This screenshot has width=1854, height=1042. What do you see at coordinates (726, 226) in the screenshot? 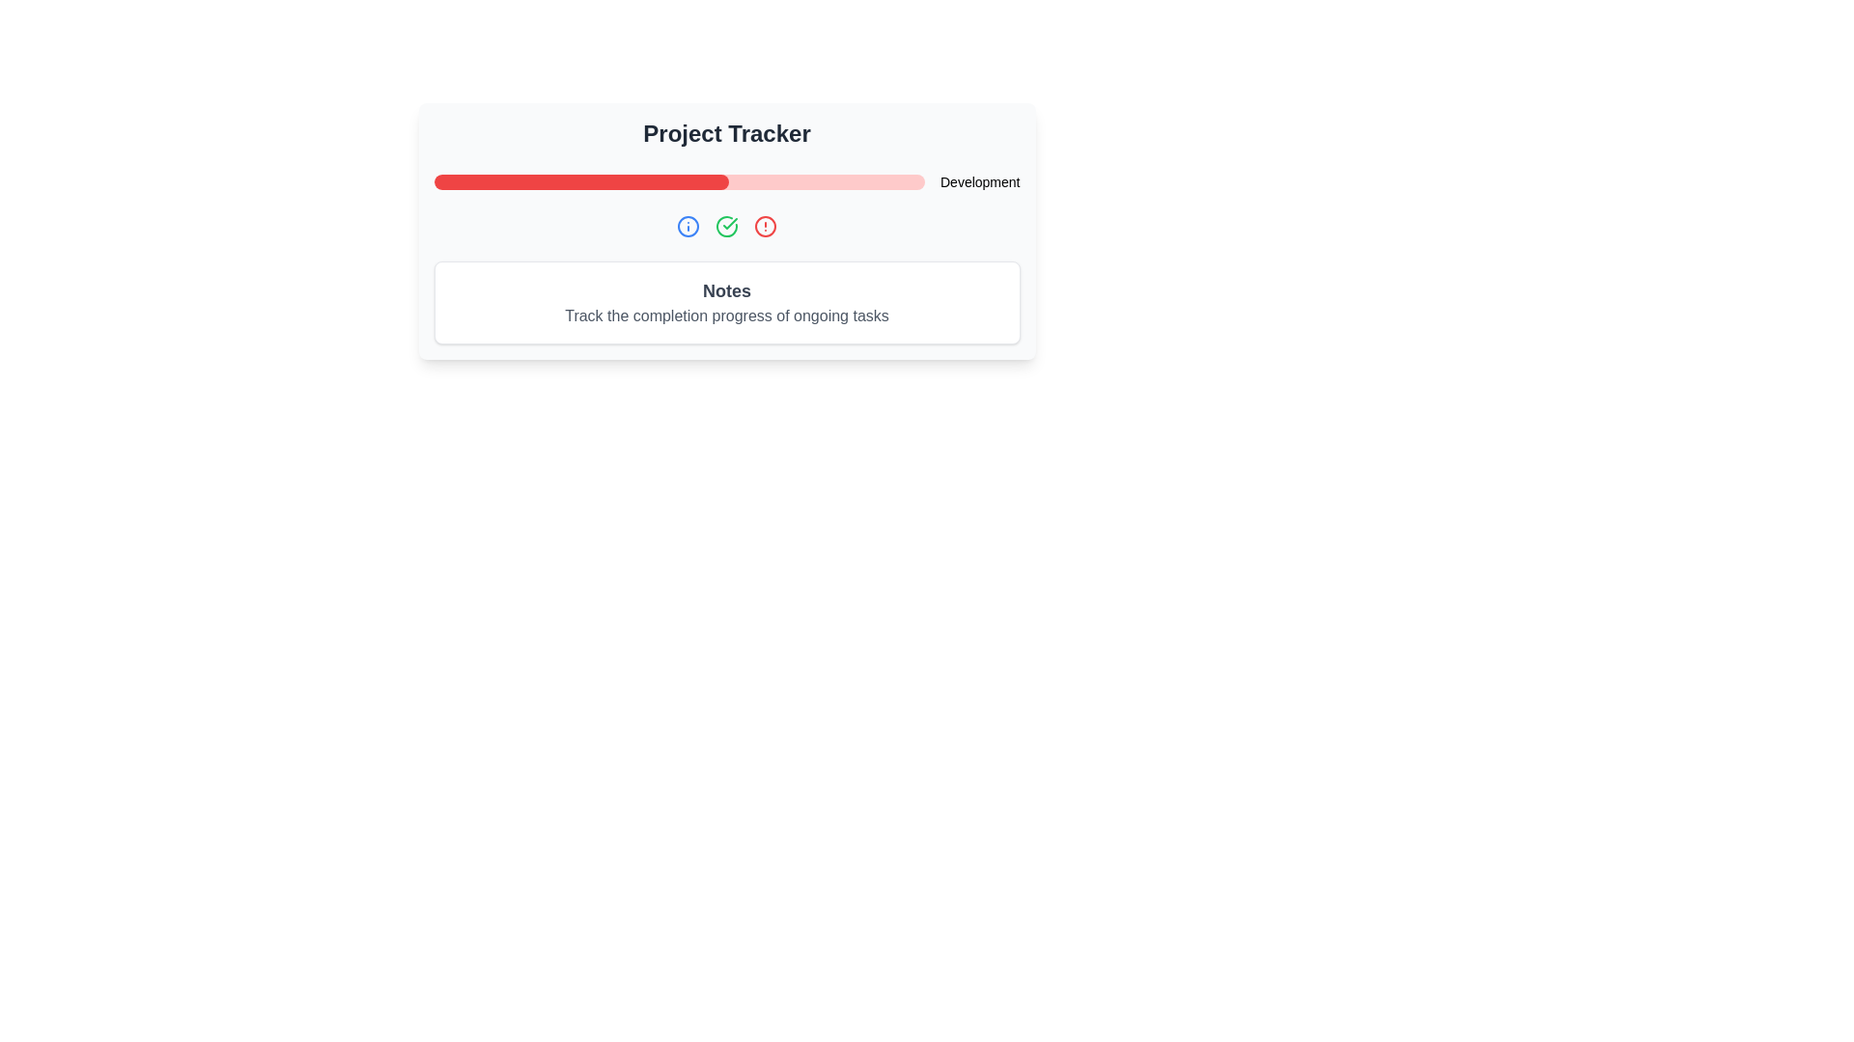
I see `the status indicator icons located beneath the 'Development' progress bar and above the 'Notes' section` at bounding box center [726, 226].